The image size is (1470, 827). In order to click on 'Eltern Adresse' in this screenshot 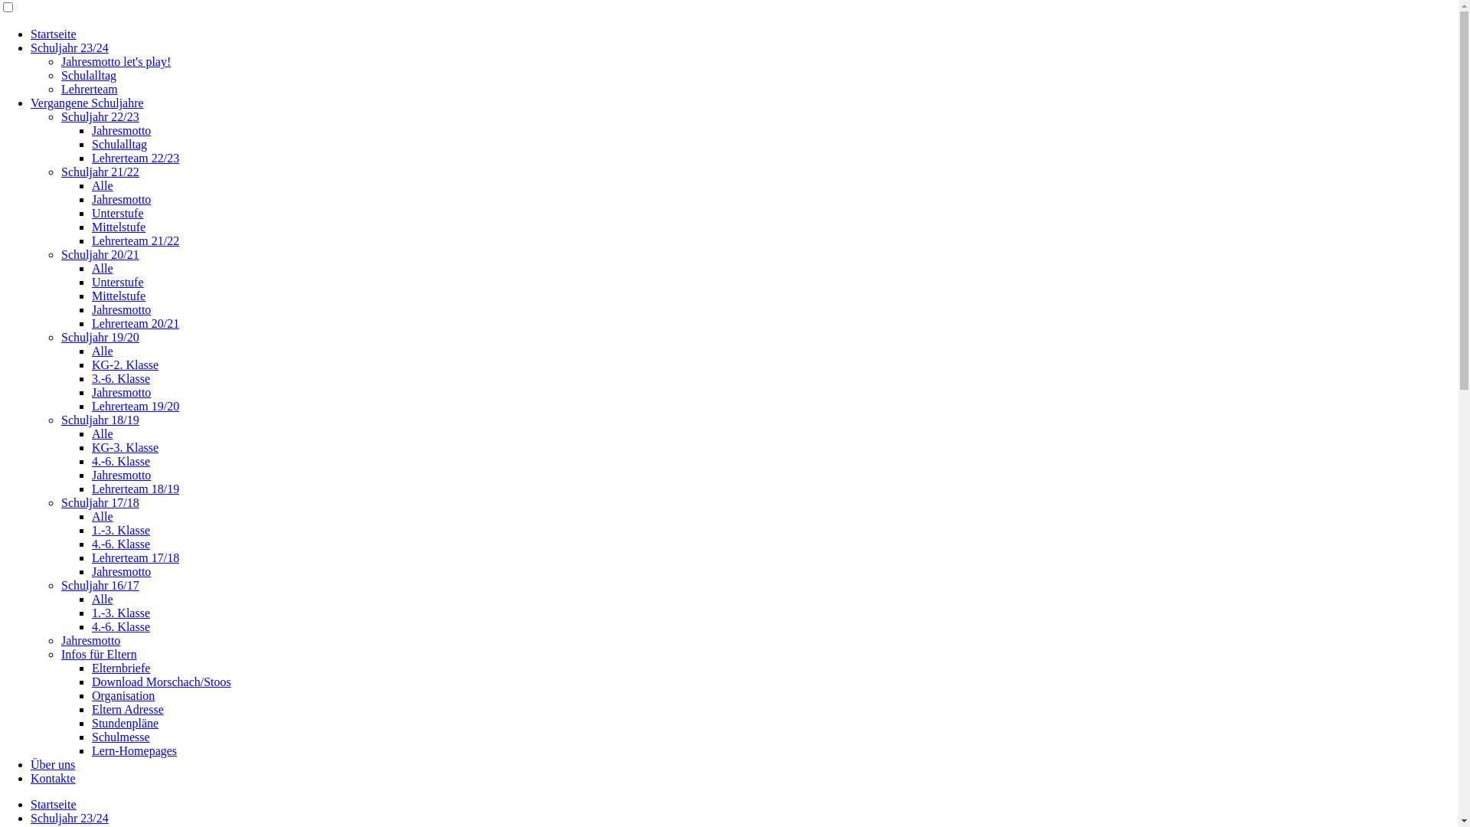, I will do `click(128, 709)`.